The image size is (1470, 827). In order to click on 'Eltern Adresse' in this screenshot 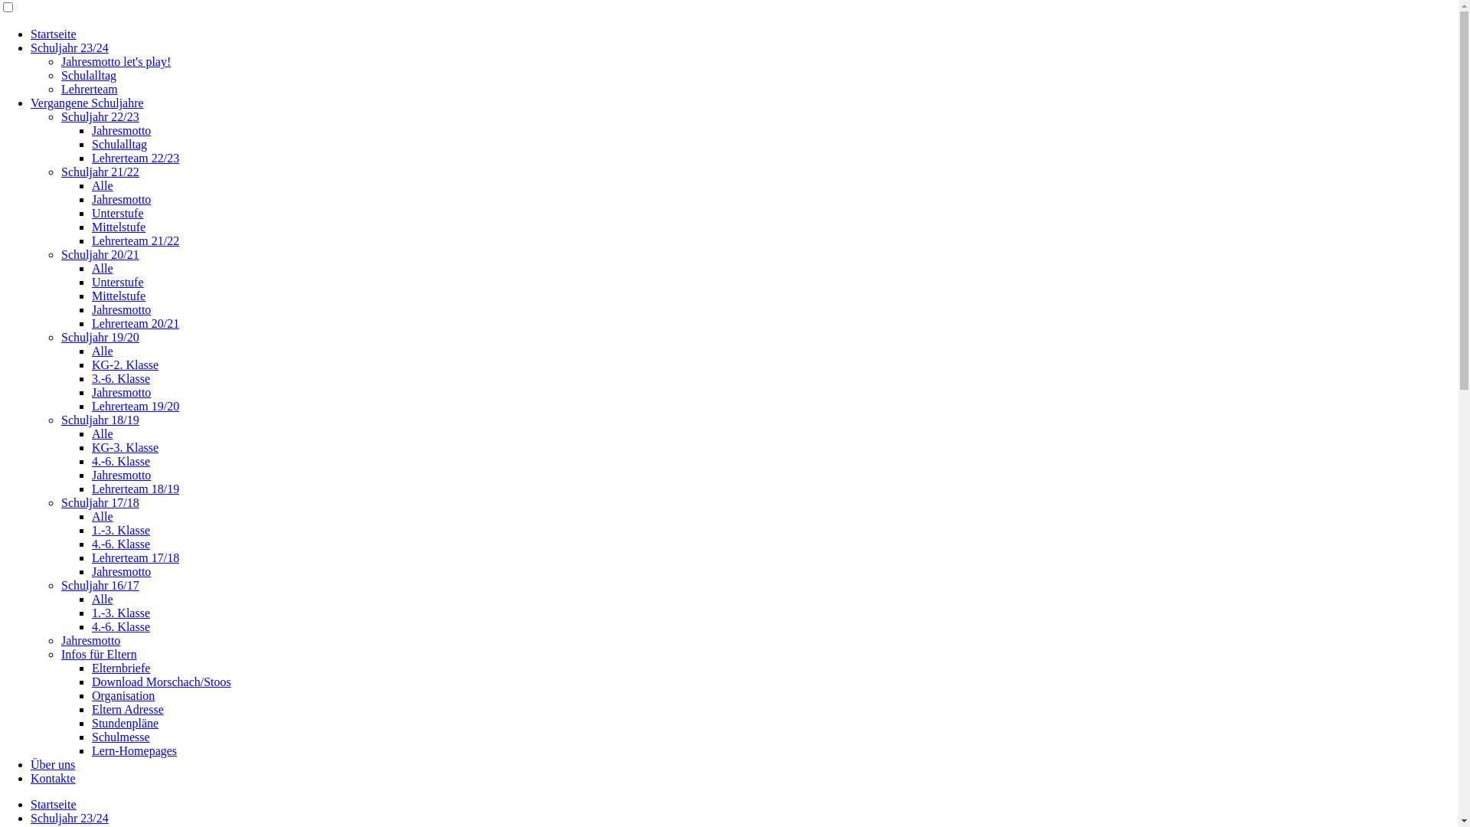, I will do `click(128, 709)`.